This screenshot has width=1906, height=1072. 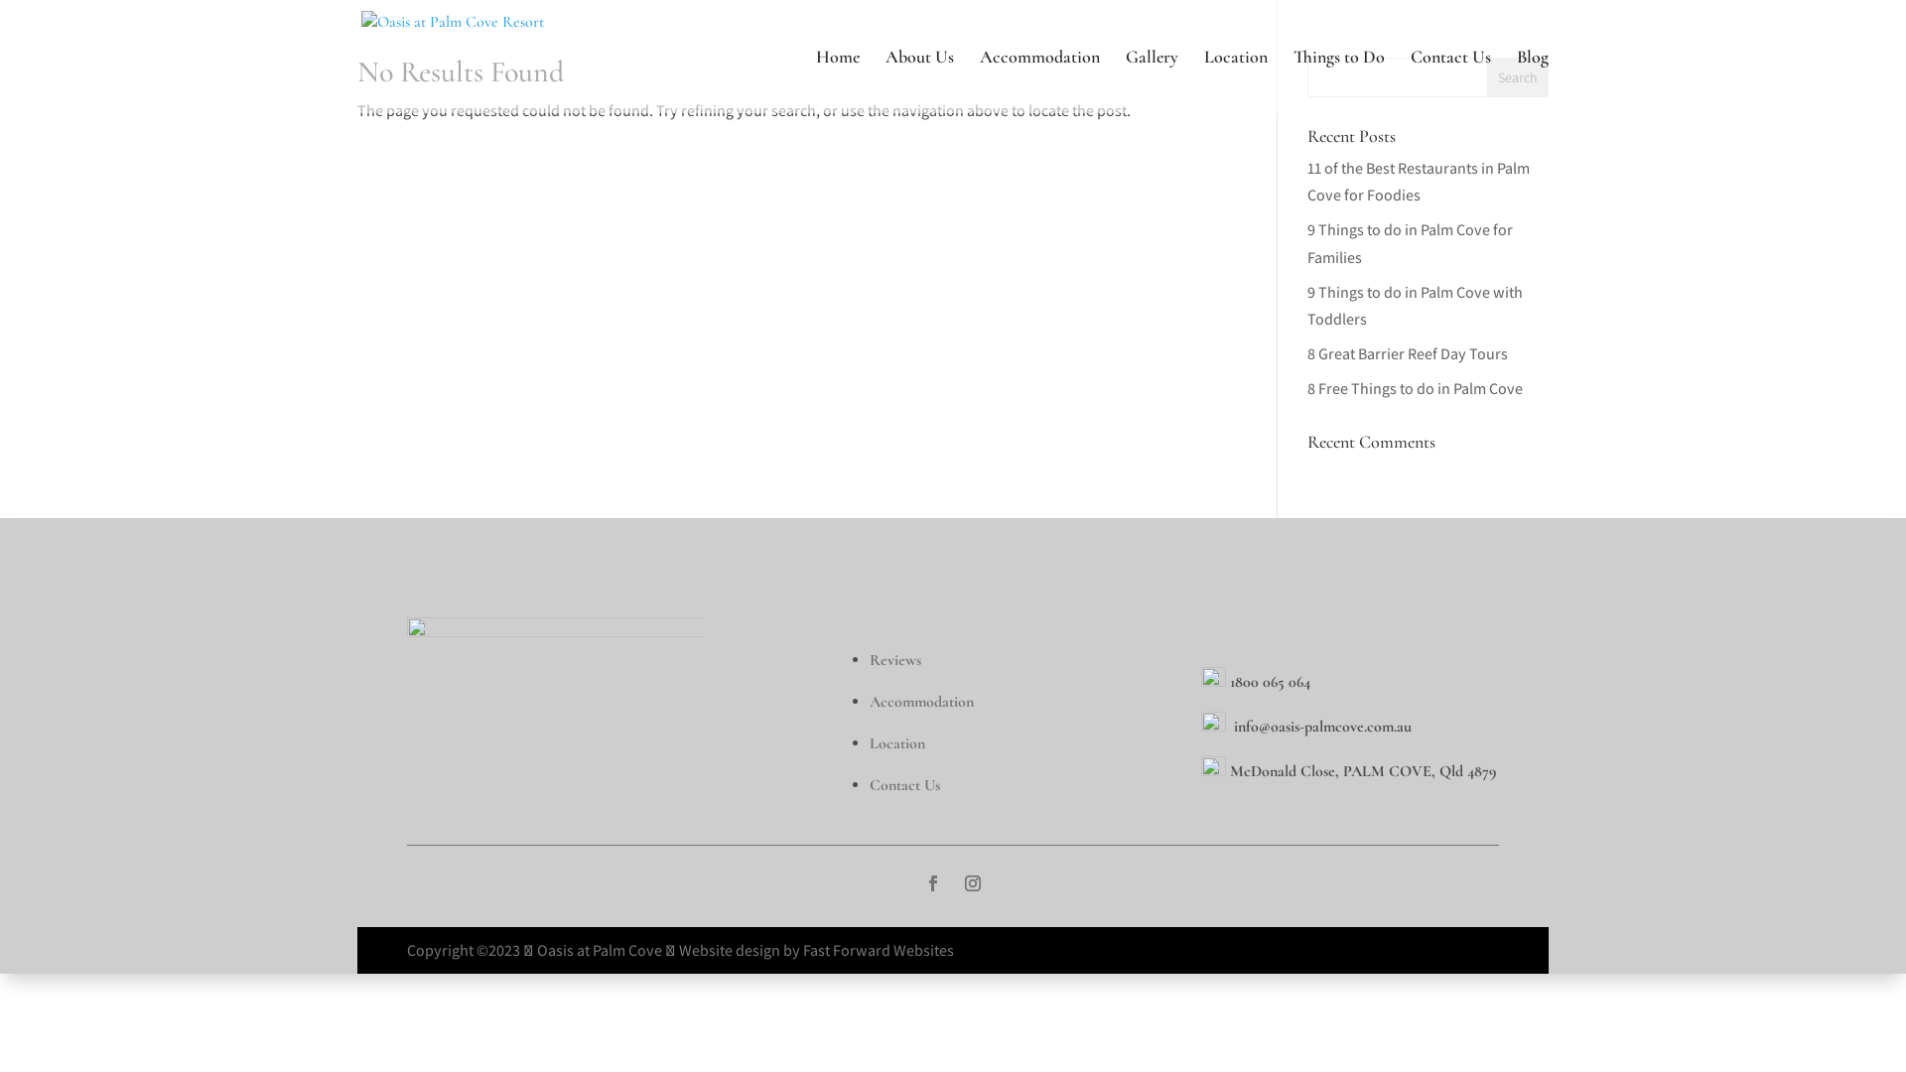 I want to click on 'Accommodation', so click(x=920, y=699).